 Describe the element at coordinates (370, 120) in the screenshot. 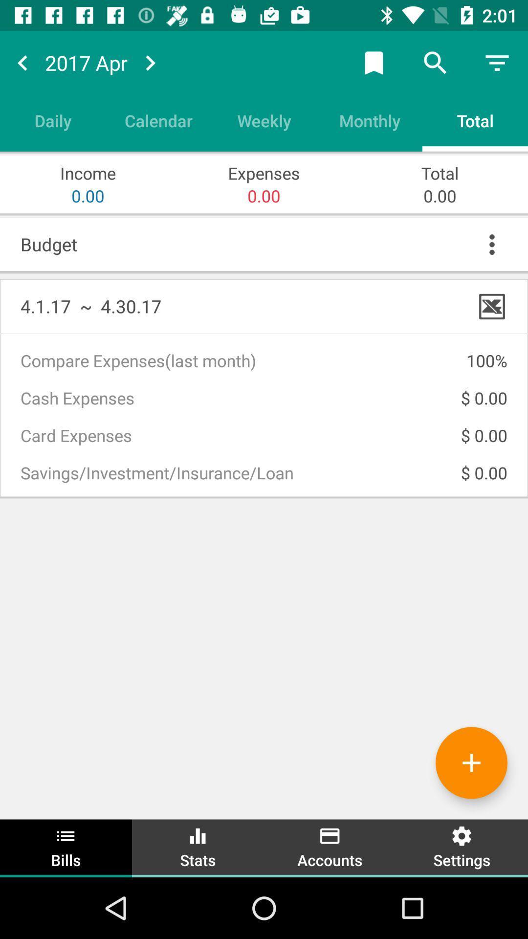

I see `item to the left of the total icon` at that location.